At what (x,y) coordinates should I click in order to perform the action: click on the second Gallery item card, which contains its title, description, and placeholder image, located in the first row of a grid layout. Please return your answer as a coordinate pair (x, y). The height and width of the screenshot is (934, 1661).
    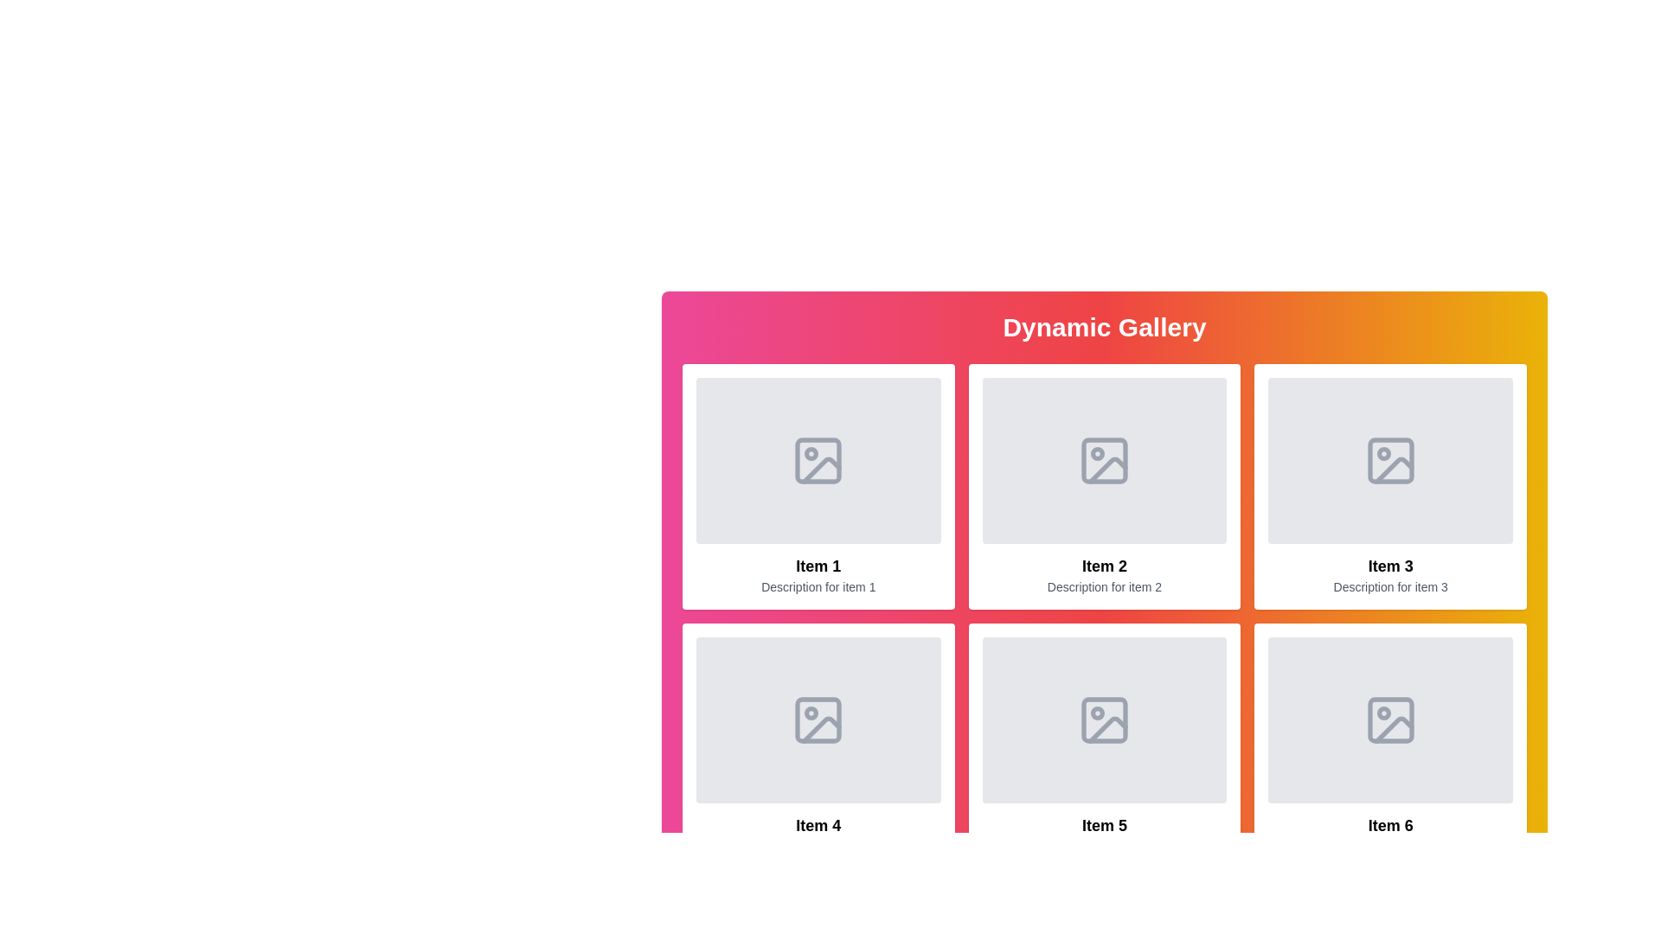
    Looking at the image, I should click on (1103, 487).